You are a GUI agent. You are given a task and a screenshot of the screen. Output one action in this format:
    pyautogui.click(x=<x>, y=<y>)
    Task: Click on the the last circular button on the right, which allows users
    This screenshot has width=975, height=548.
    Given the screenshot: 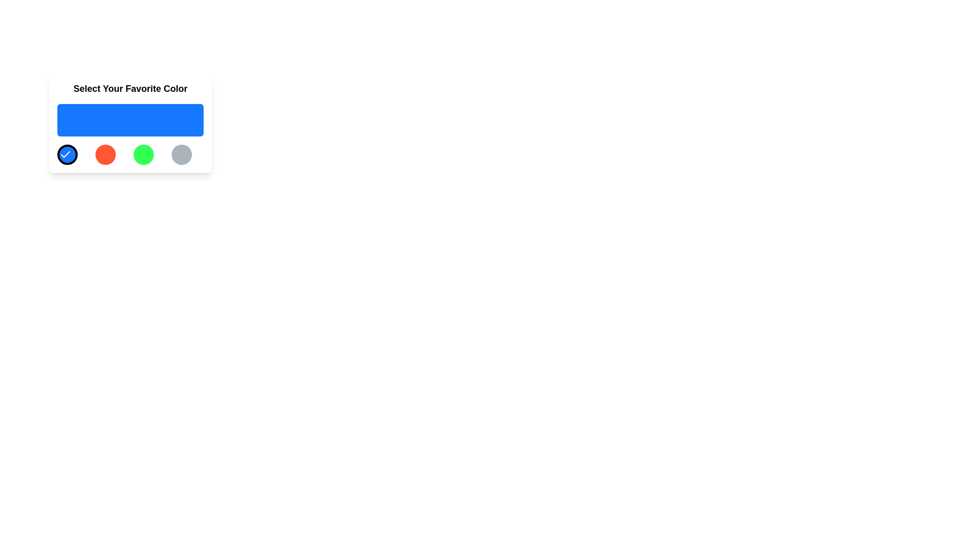 What is the action you would take?
    pyautogui.click(x=182, y=154)
    